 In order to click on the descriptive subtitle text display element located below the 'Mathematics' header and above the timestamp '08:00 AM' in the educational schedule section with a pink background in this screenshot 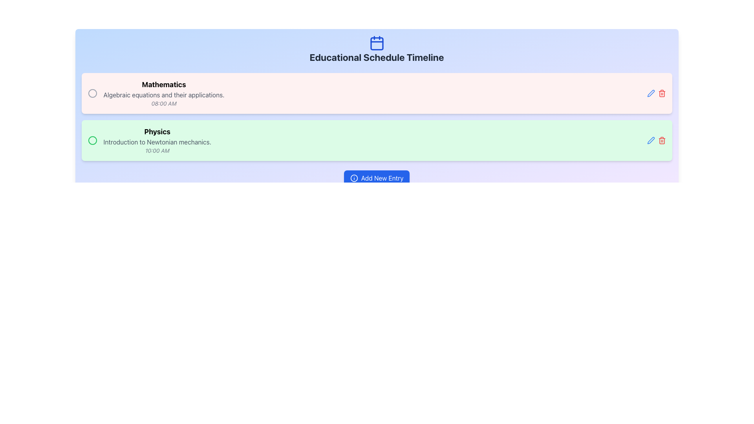, I will do `click(163, 95)`.